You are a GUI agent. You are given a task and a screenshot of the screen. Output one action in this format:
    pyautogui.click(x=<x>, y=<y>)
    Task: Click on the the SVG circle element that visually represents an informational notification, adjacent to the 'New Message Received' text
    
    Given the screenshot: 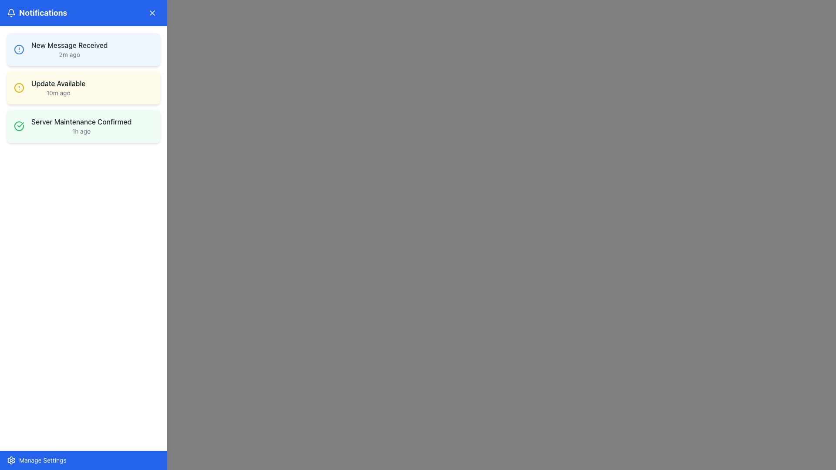 What is the action you would take?
    pyautogui.click(x=19, y=50)
    